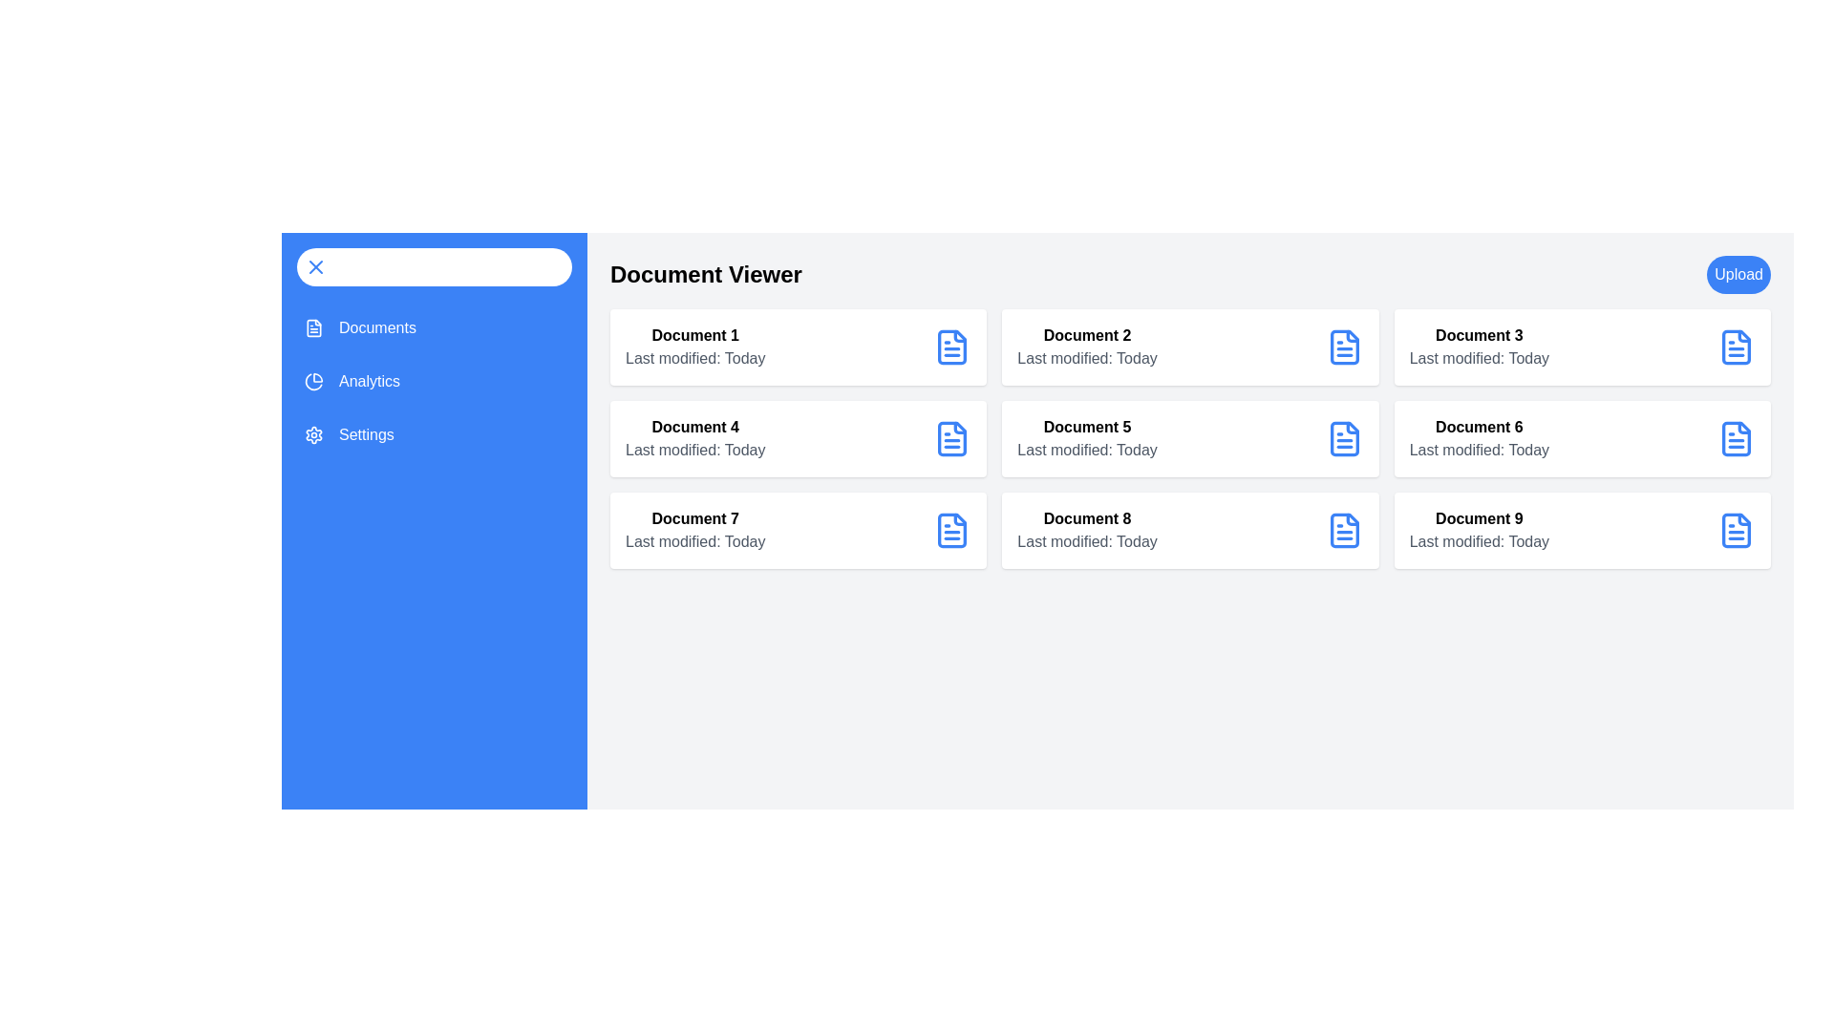 This screenshot has width=1834, height=1031. I want to click on the 'Upload' button, so click(1738, 275).